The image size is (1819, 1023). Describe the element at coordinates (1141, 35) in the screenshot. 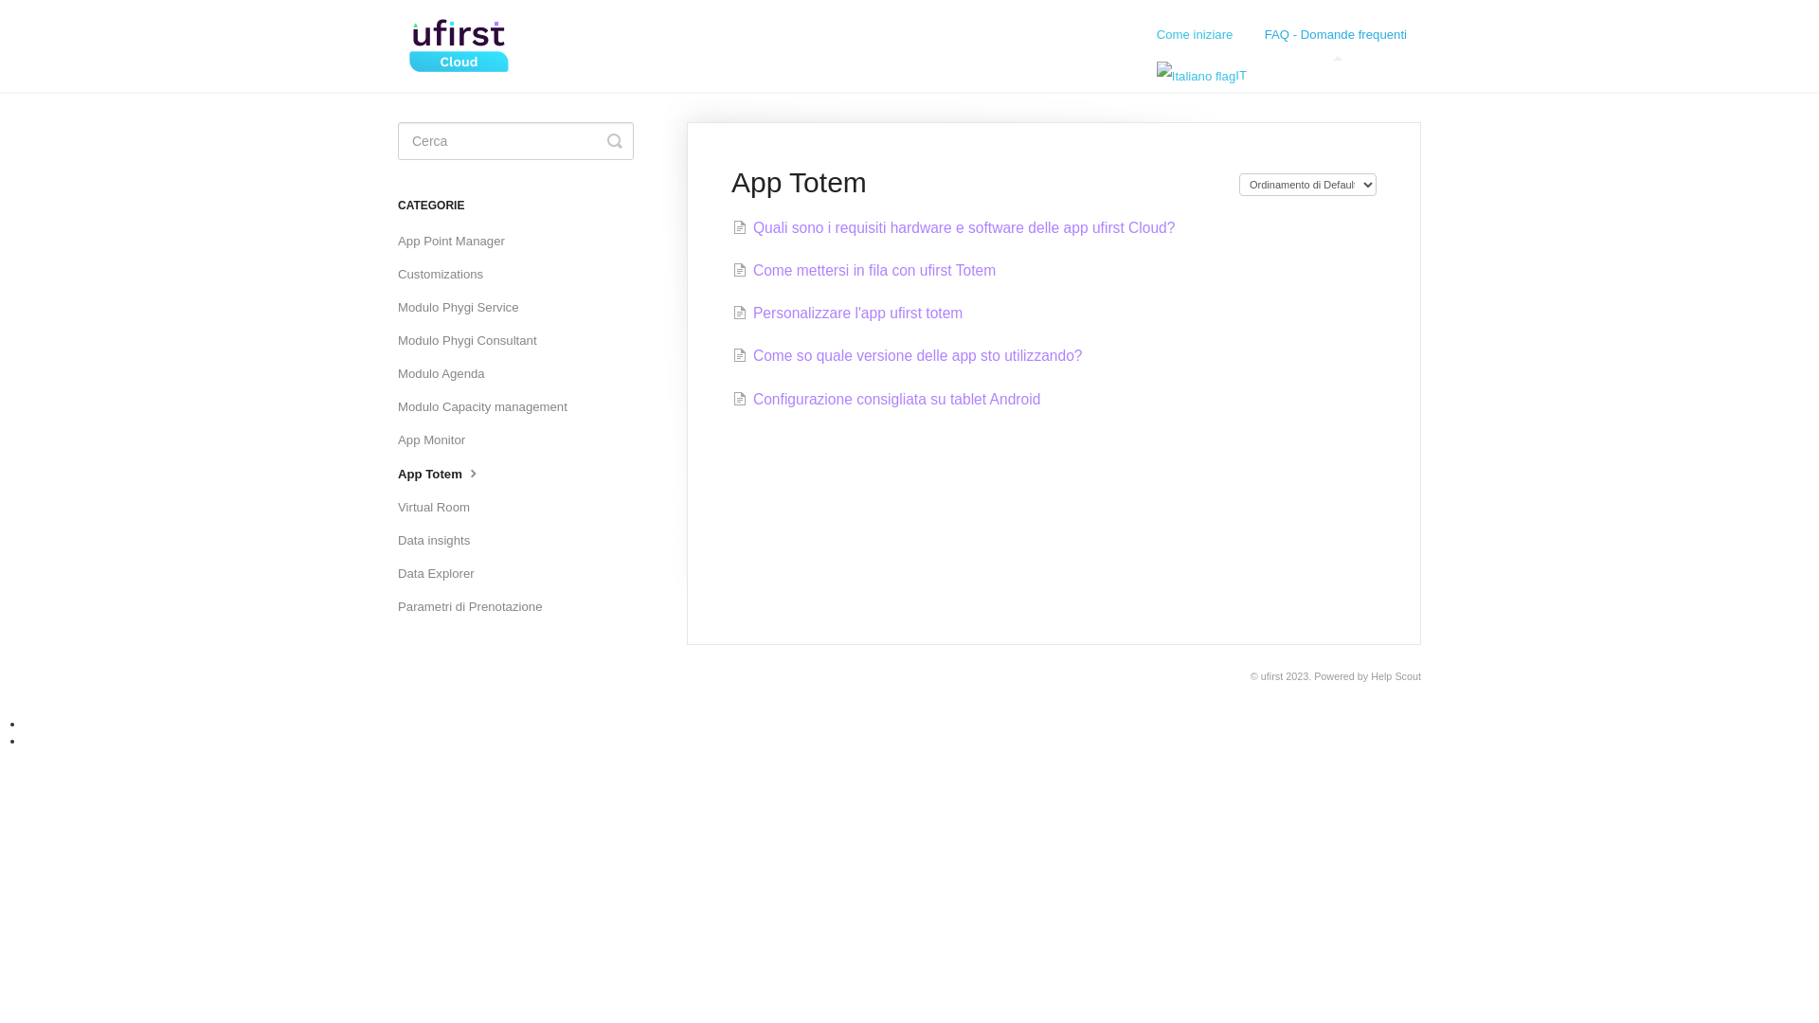

I see `'Come iniziare'` at that location.